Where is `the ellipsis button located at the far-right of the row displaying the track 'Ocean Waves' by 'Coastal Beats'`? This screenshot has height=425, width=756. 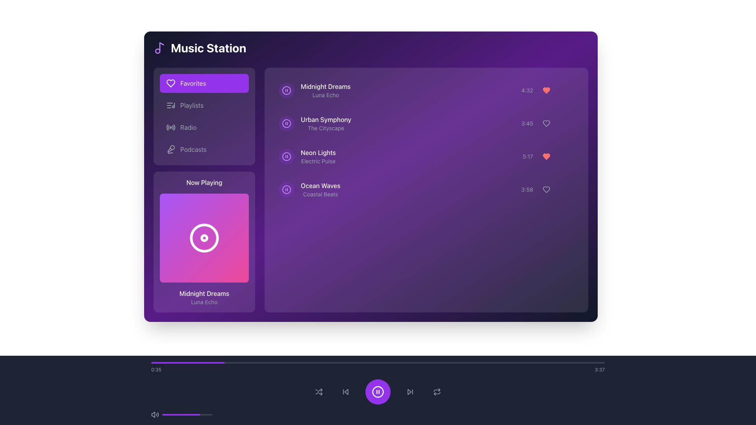 the ellipsis button located at the far-right of the row displaying the track 'Ocean Waves' by 'Coastal Beats' is located at coordinates (567, 190).